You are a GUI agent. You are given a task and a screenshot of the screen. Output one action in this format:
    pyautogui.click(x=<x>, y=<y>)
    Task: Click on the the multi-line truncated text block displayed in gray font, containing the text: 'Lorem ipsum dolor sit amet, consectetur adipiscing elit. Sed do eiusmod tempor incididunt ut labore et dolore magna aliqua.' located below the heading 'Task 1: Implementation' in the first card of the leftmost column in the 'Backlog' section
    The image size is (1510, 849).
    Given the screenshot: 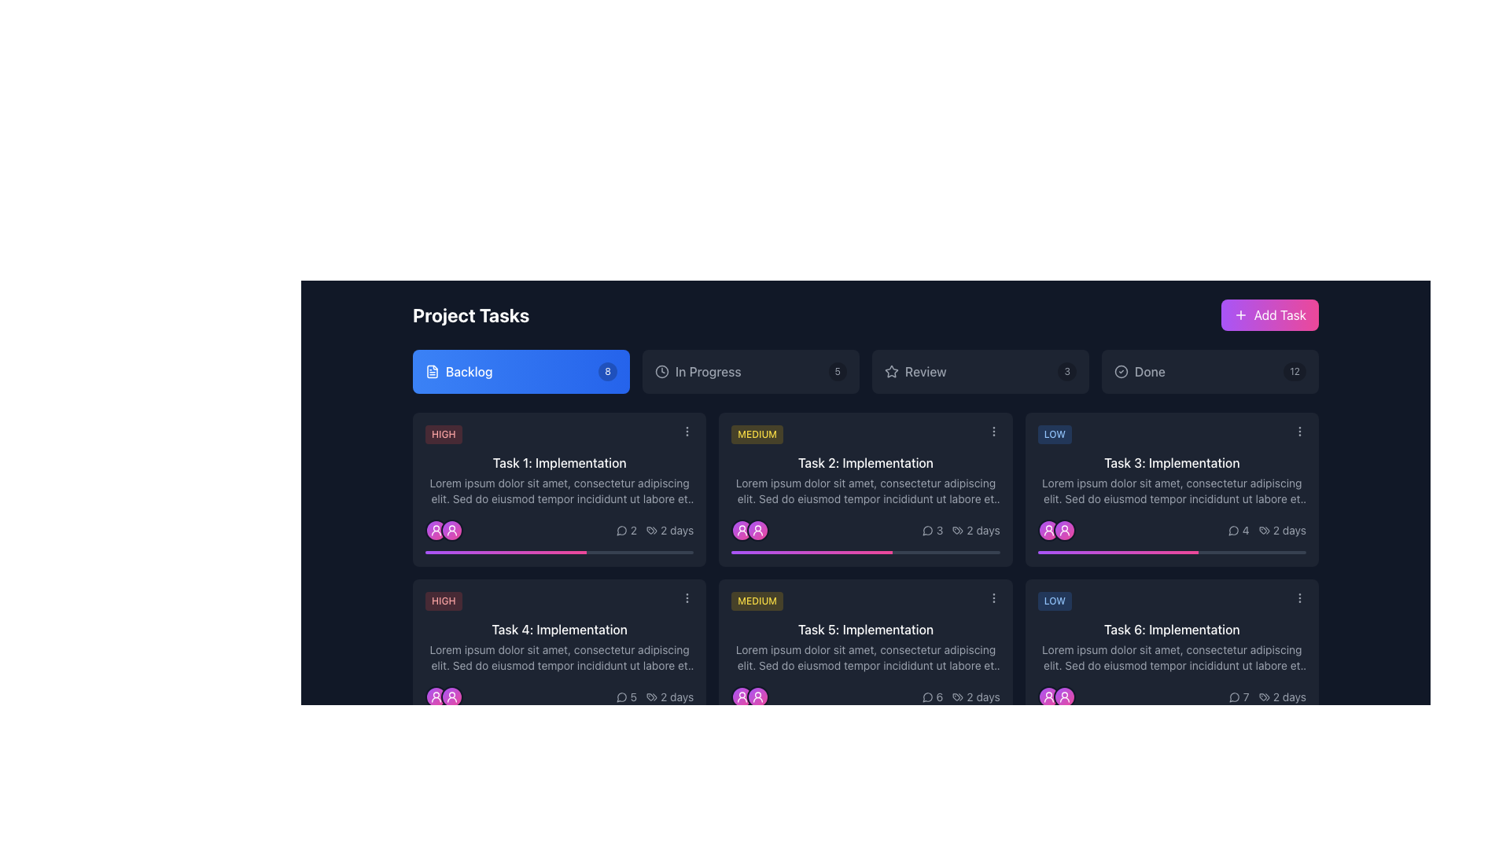 What is the action you would take?
    pyautogui.click(x=559, y=490)
    